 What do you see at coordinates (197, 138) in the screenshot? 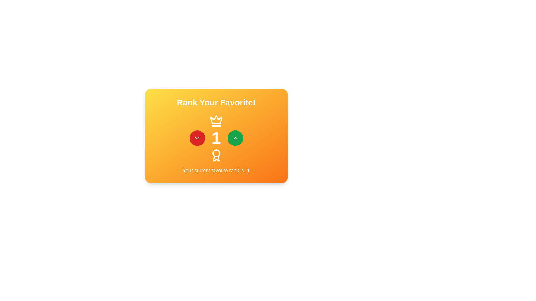
I see `the button designed to decrease the rank associated with the number displayed next to it, which is positioned to the left of a green circular button and the large '1' in the center of the card` at bounding box center [197, 138].